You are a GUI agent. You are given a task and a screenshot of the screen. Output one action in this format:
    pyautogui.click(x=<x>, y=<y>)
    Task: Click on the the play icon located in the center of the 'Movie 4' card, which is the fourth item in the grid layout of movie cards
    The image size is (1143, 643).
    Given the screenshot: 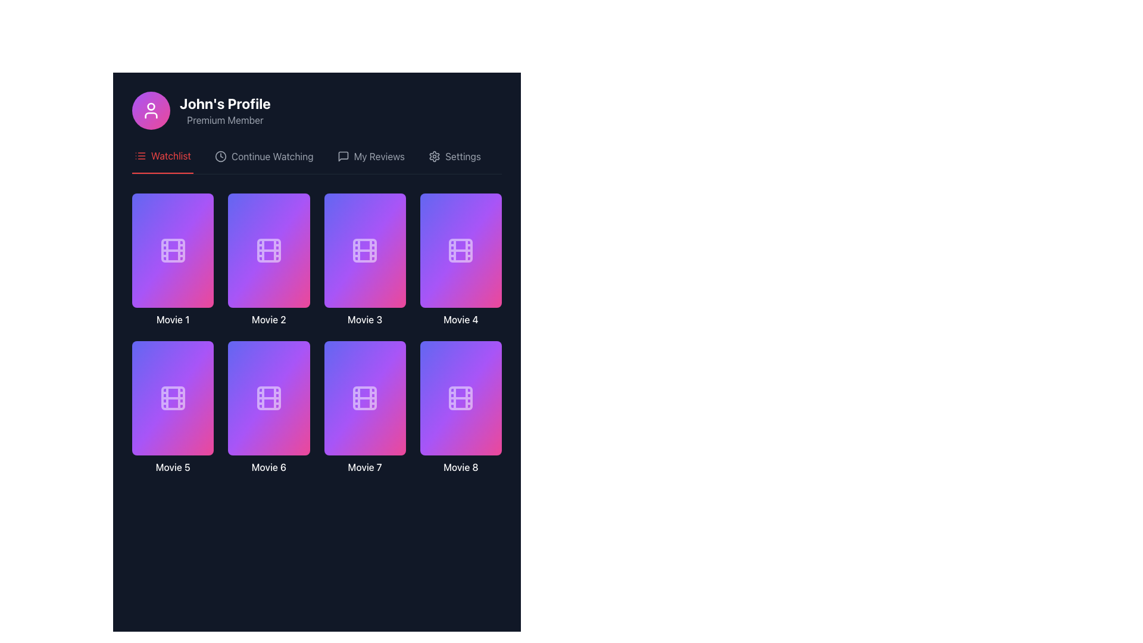 What is the action you would take?
    pyautogui.click(x=461, y=244)
    